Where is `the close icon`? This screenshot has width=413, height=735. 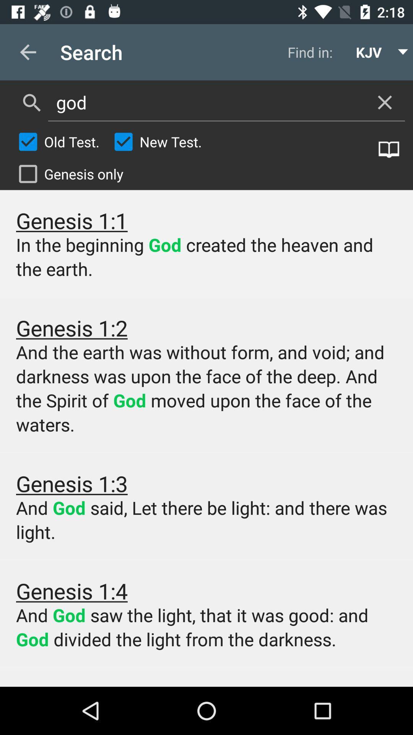
the close icon is located at coordinates (385, 102).